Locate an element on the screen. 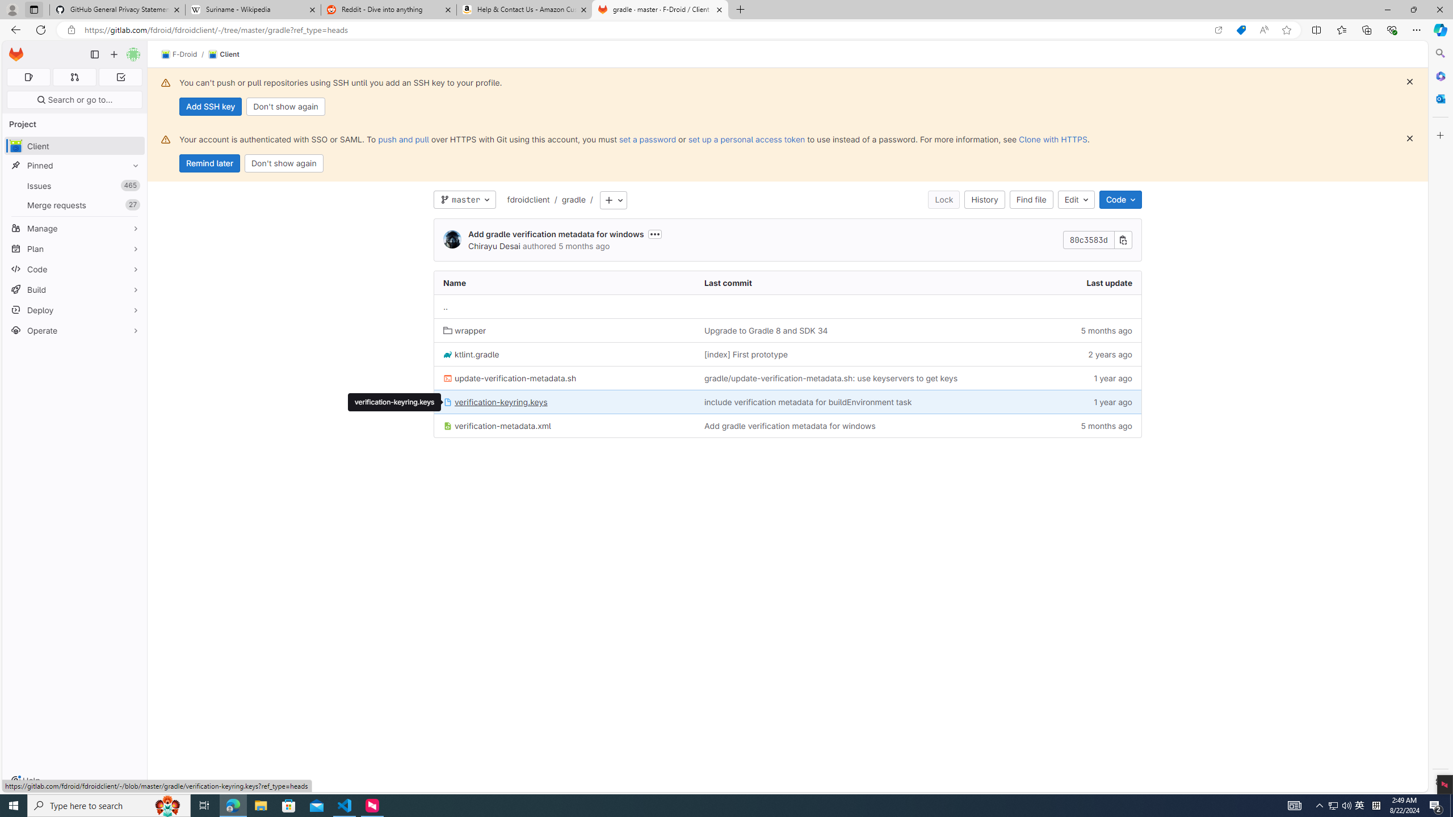  'Plan' is located at coordinates (74, 248).